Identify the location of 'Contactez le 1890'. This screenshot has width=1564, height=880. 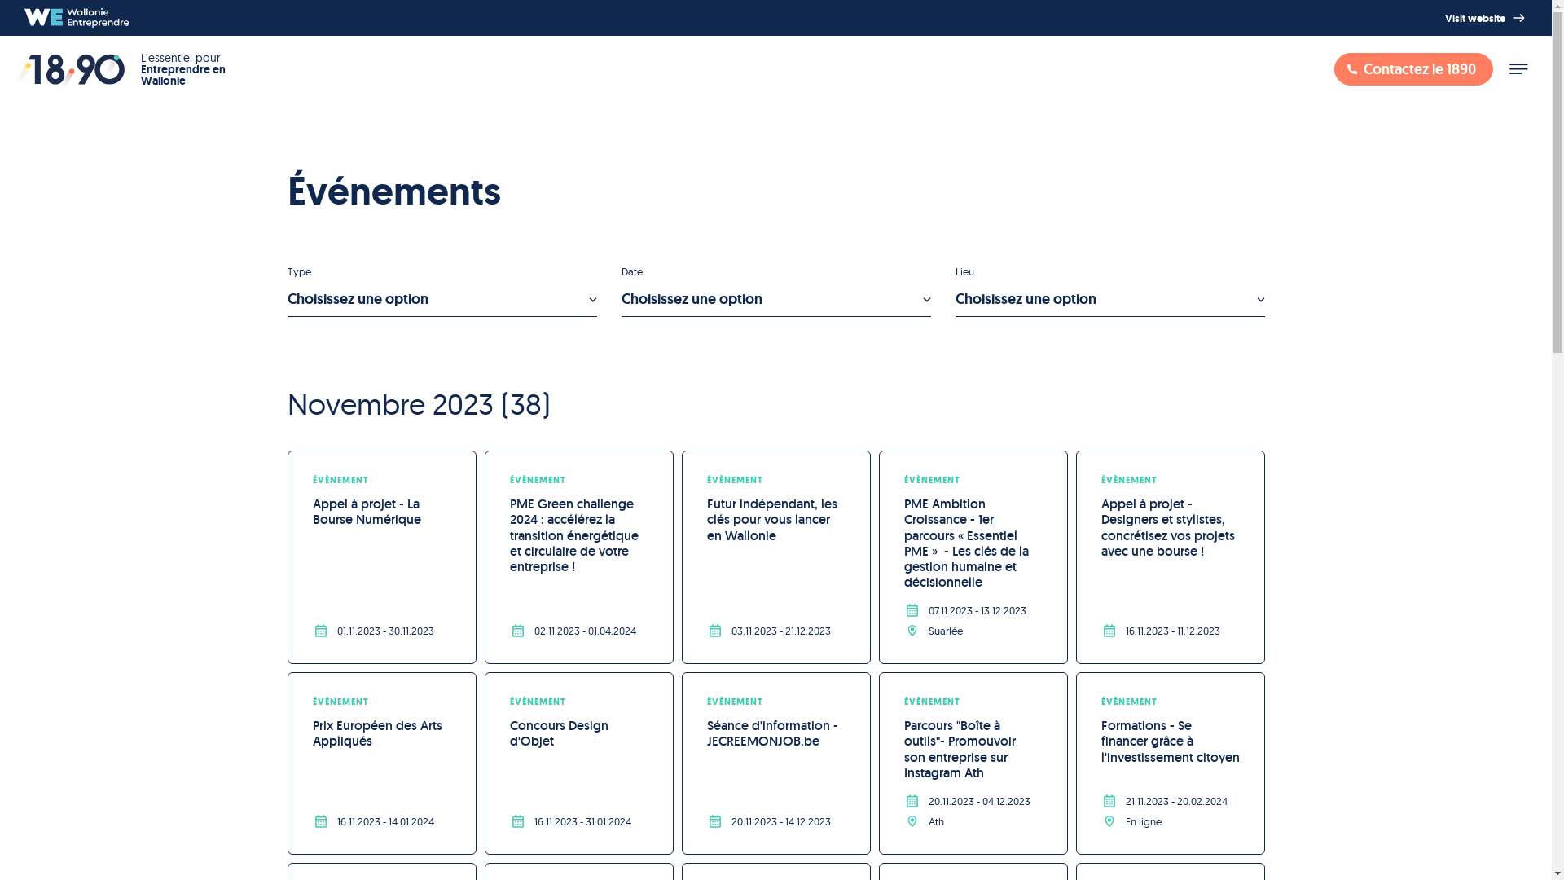
(1412, 68).